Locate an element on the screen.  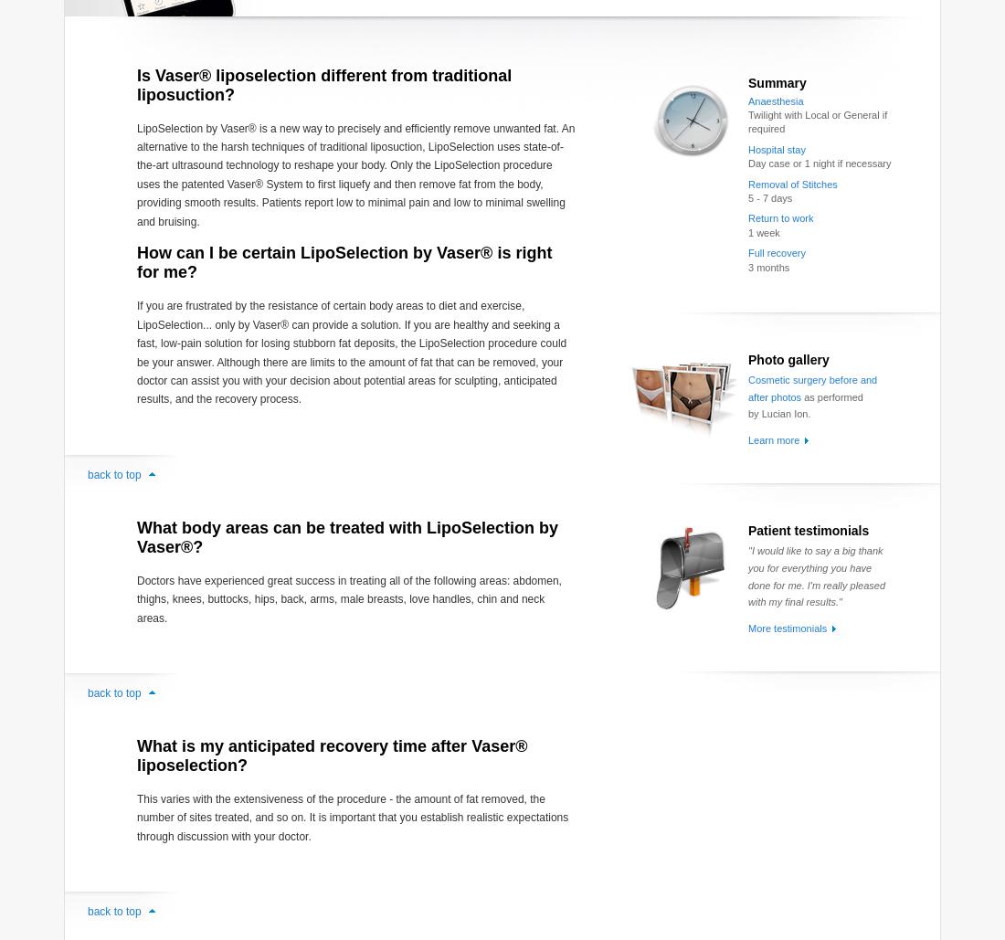
'as performed' is located at coordinates (831, 396).